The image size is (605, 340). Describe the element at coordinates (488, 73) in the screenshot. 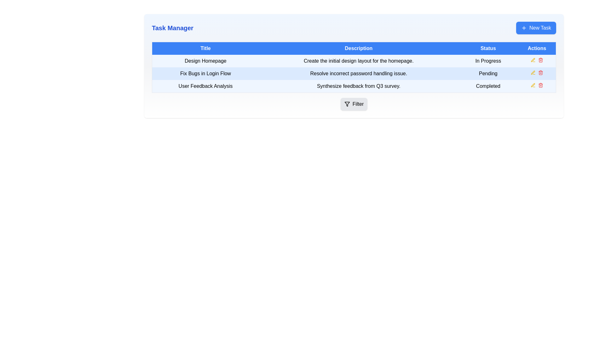

I see `the status represented by the text label showing 'Pending' in the 'Status' column of the second row in the table` at that location.